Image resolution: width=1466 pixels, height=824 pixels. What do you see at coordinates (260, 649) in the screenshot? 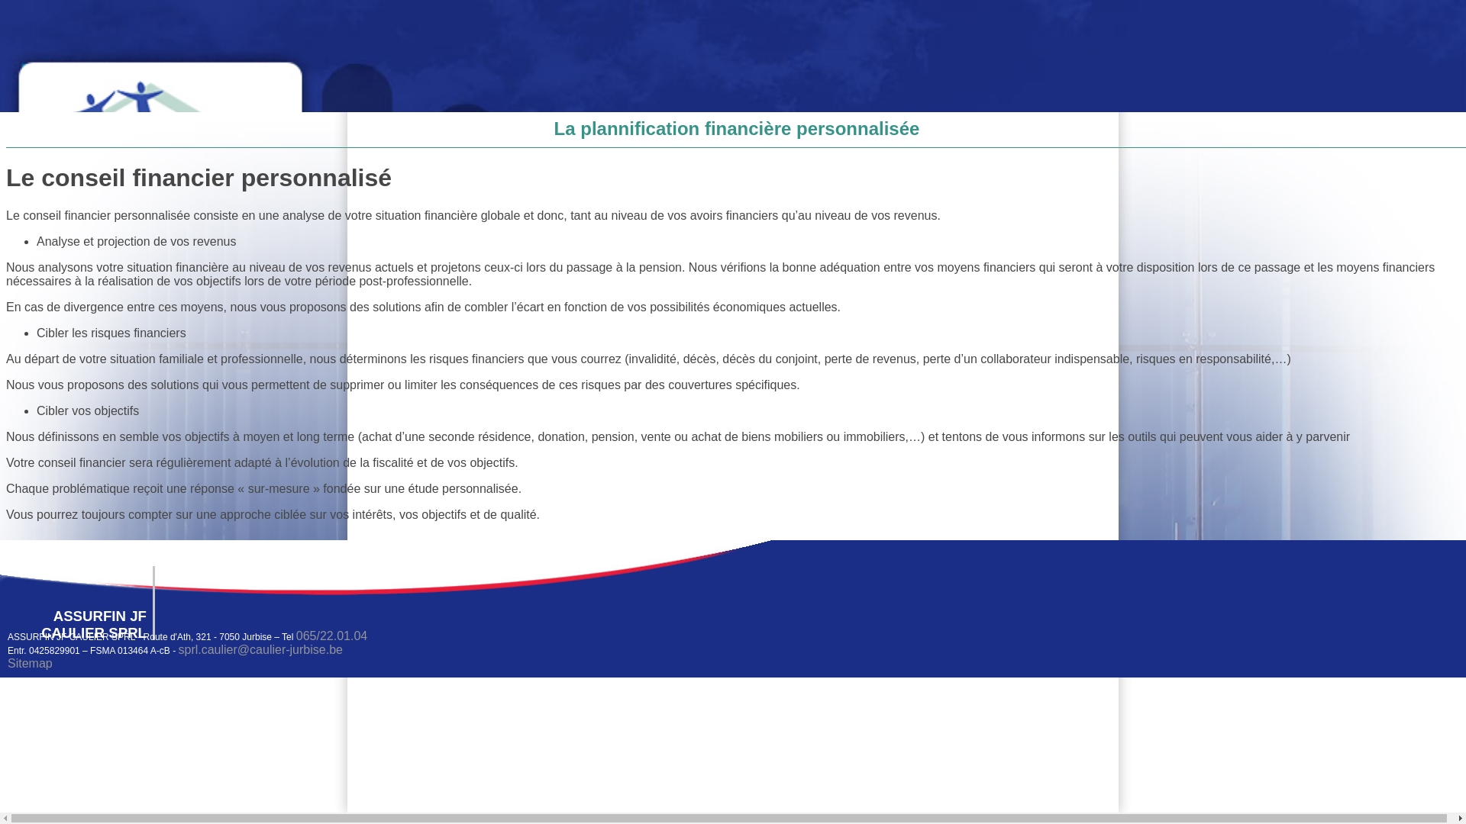
I see `'sprl.caulier@caulier-jurbise.be'` at bounding box center [260, 649].